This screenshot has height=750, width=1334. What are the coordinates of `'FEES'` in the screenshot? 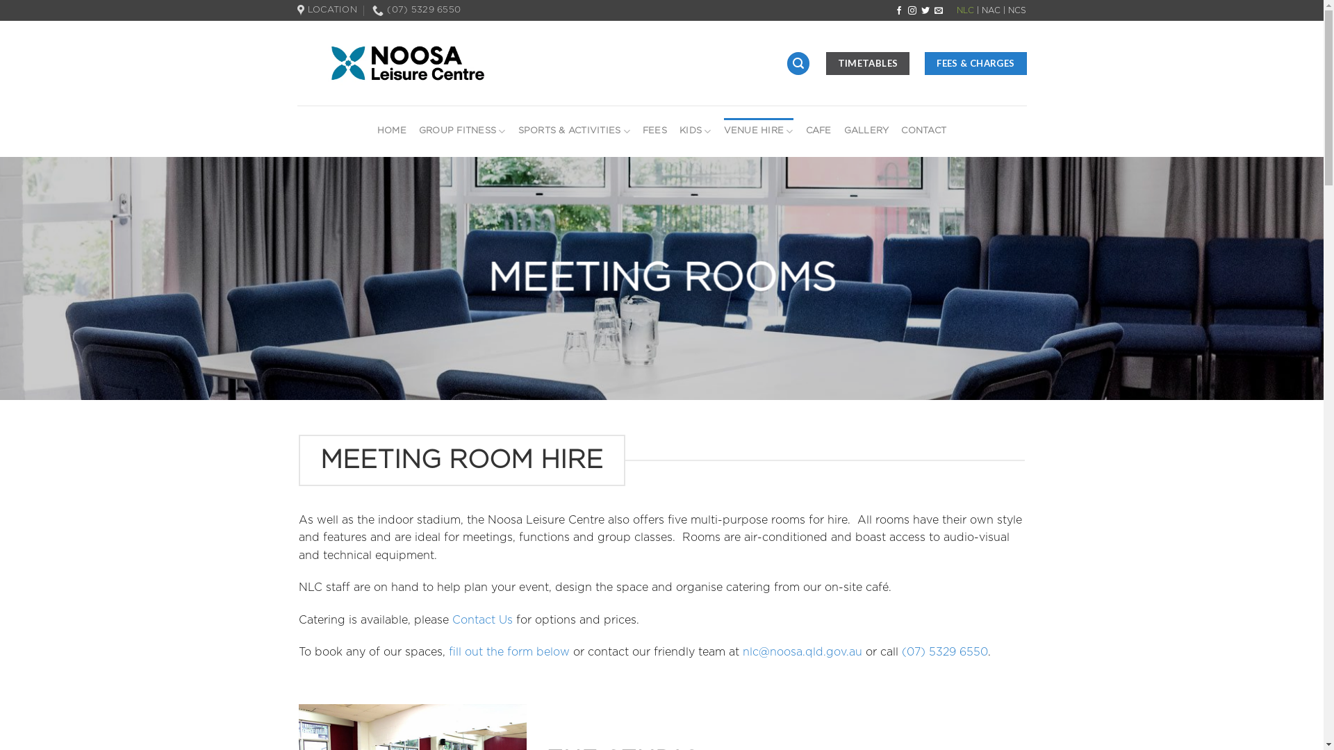 It's located at (642, 131).